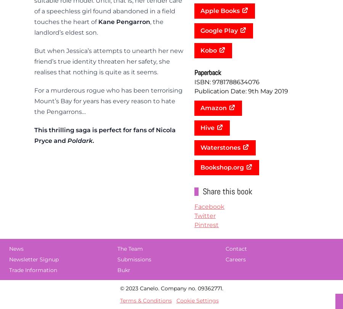 The height and width of the screenshot is (309, 343). I want to click on 'ISBN:', so click(203, 82).